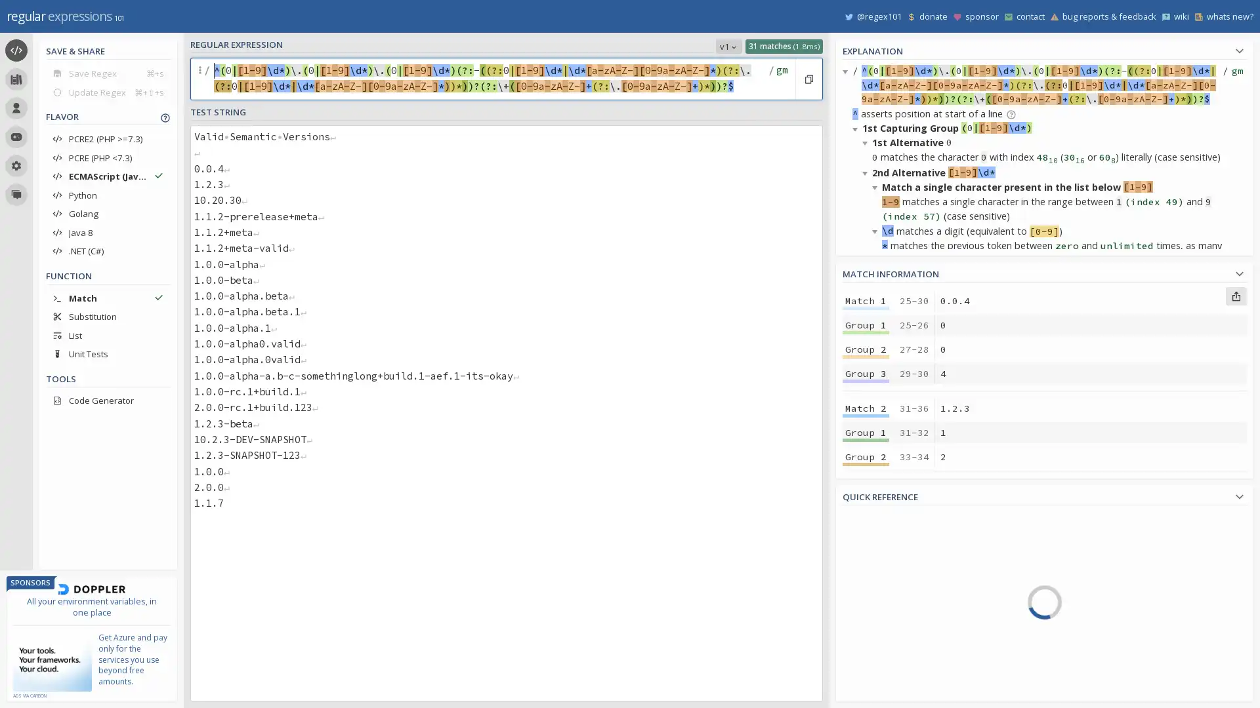  Describe the element at coordinates (1110, 686) in the screenshot. I see `Any digit \d` at that location.